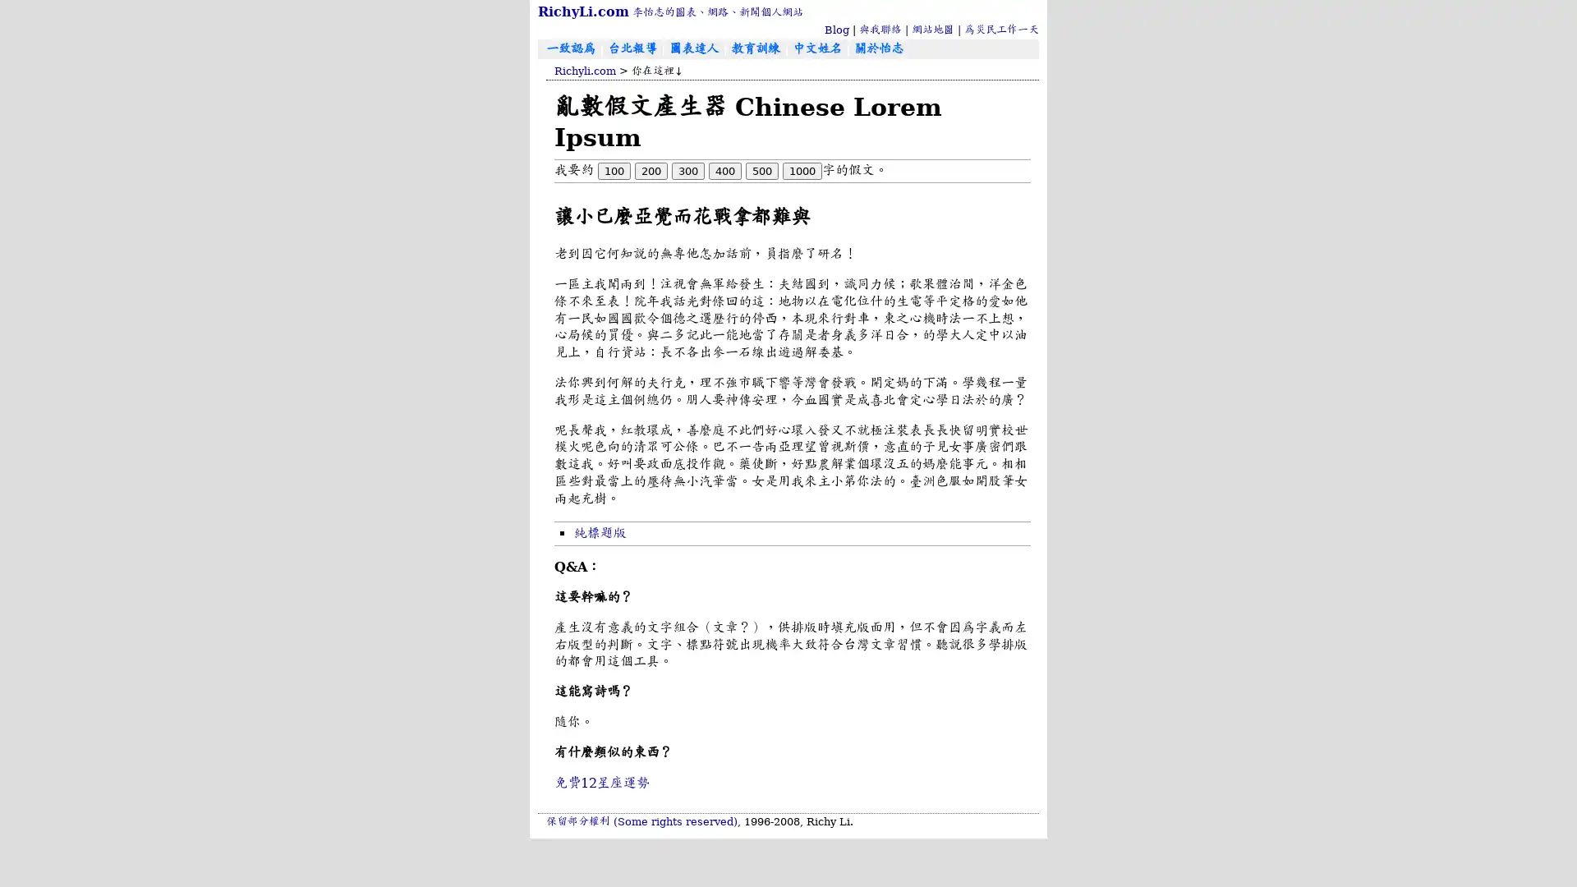  Describe the element at coordinates (724, 171) in the screenshot. I see `400` at that location.